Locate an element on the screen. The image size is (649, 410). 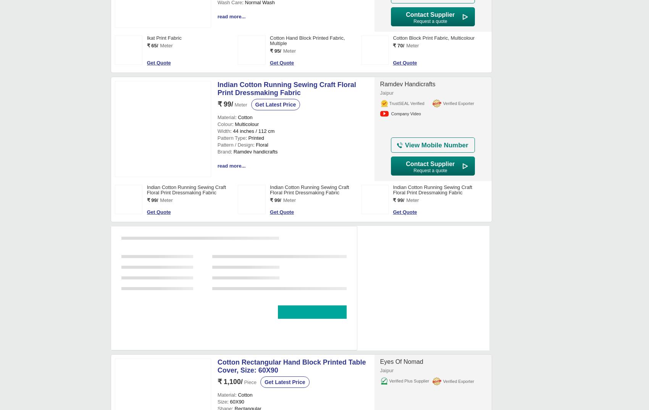
'Anagha Creation' is located at coordinates (379, 168).